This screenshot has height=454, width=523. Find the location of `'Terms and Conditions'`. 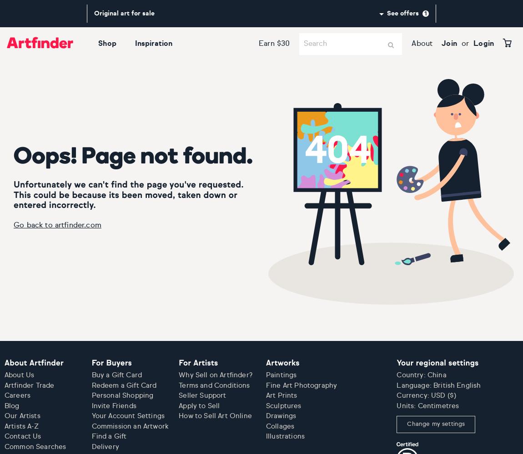

'Terms and Conditions' is located at coordinates (178, 385).